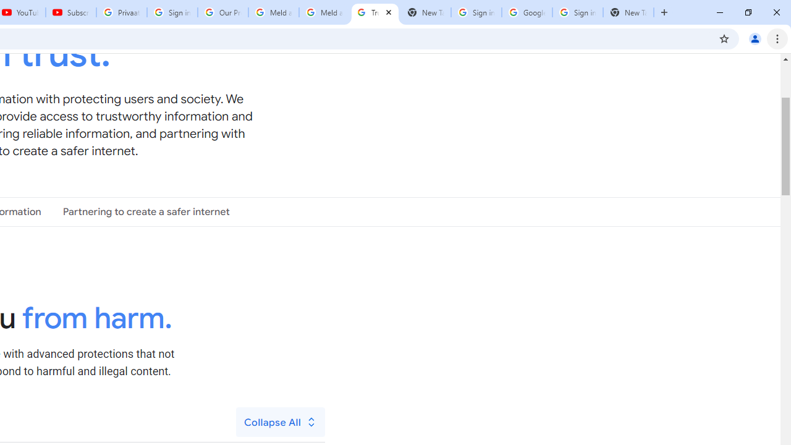 The height and width of the screenshot is (445, 791). Describe the element at coordinates (577, 12) in the screenshot. I see `'Sign in - Google Accounts'` at that location.